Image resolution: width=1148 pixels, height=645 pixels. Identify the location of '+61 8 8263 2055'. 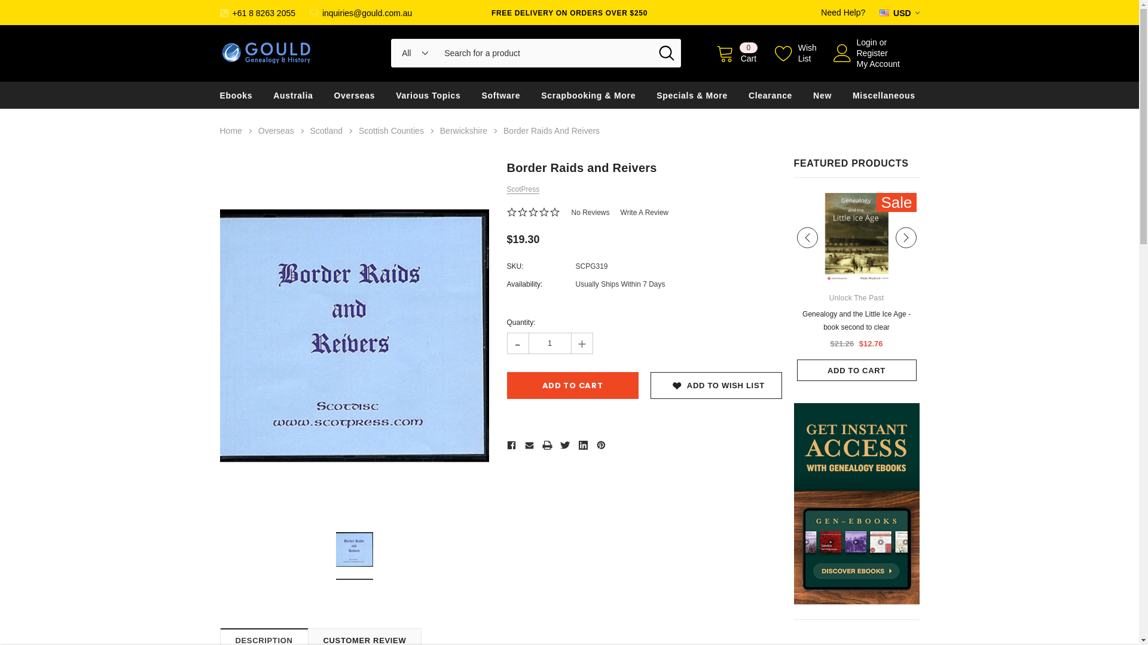
(257, 13).